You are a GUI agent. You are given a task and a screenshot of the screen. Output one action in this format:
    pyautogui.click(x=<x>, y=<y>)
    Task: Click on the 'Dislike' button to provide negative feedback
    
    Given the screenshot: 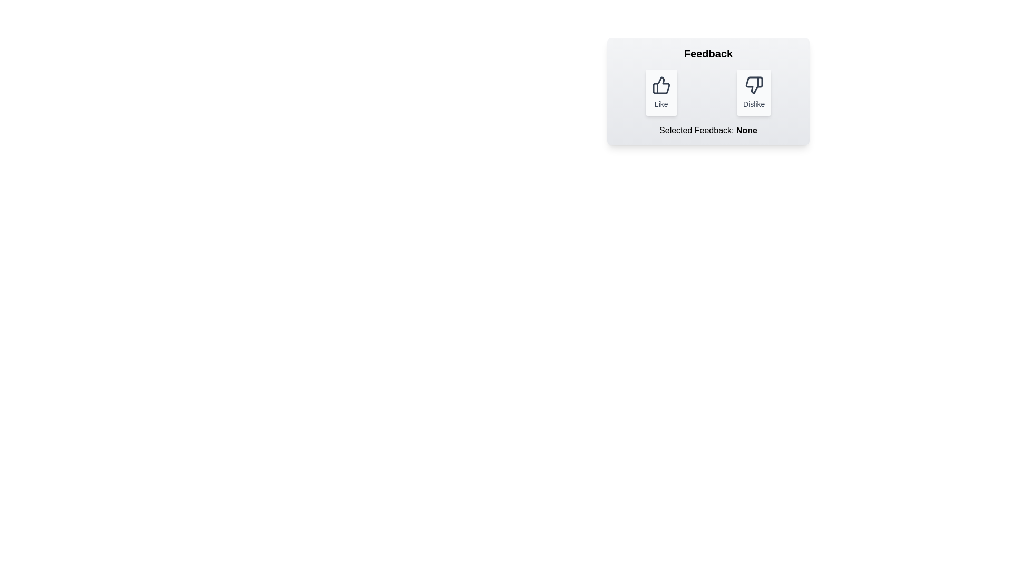 What is the action you would take?
    pyautogui.click(x=753, y=92)
    